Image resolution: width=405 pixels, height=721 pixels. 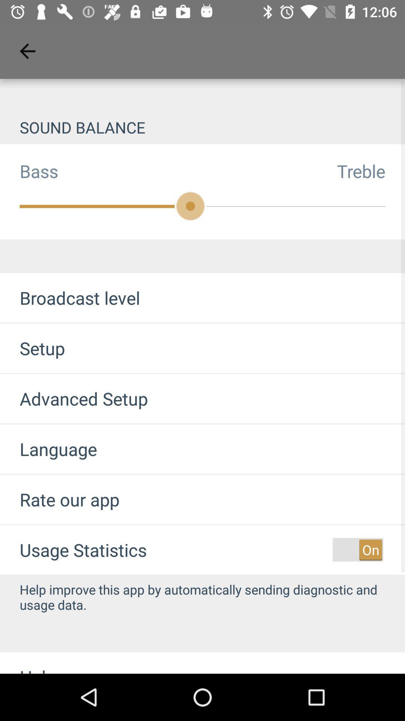 What do you see at coordinates (59, 499) in the screenshot?
I see `the item below the language item` at bounding box center [59, 499].